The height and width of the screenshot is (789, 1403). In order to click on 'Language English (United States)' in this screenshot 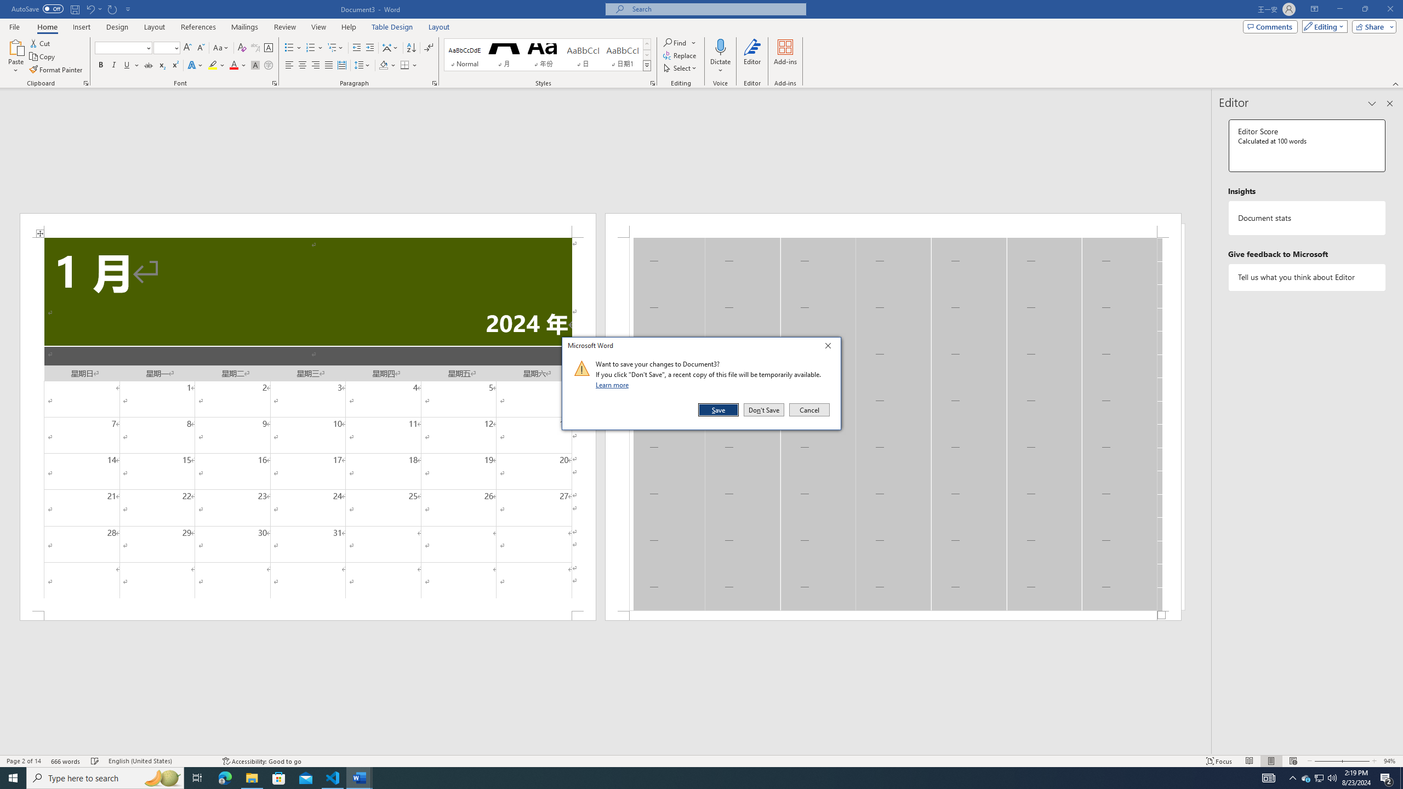, I will do `click(159, 761)`.